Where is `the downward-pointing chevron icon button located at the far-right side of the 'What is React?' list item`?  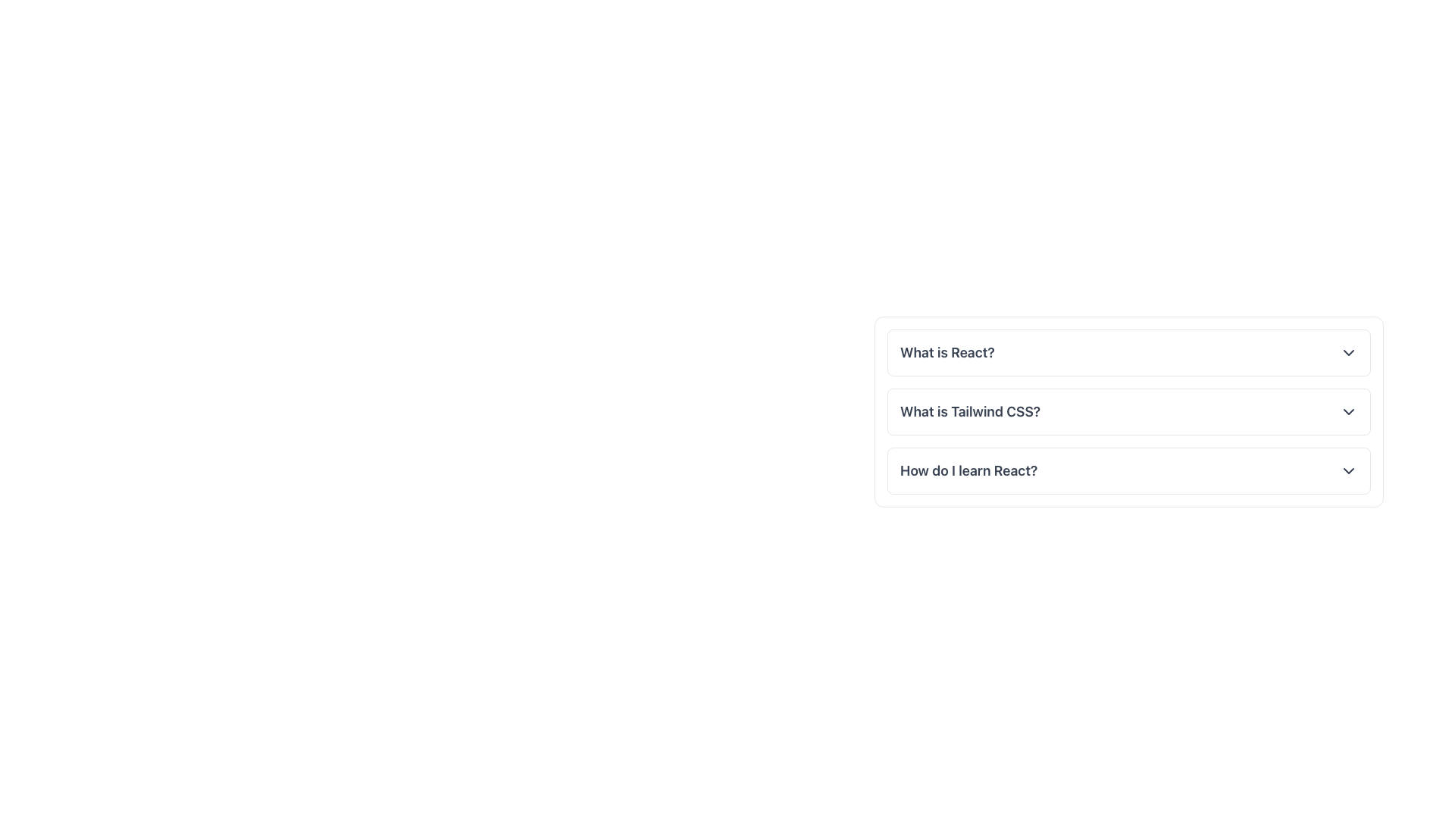 the downward-pointing chevron icon button located at the far-right side of the 'What is React?' list item is located at coordinates (1349, 353).